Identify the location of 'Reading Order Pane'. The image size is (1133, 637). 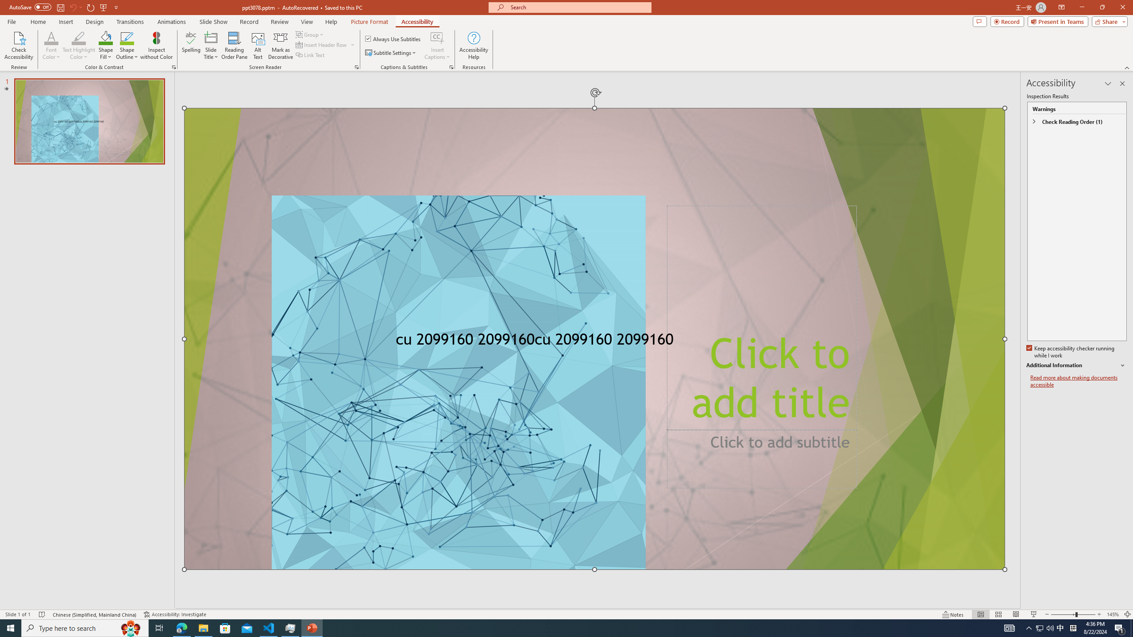
(235, 46).